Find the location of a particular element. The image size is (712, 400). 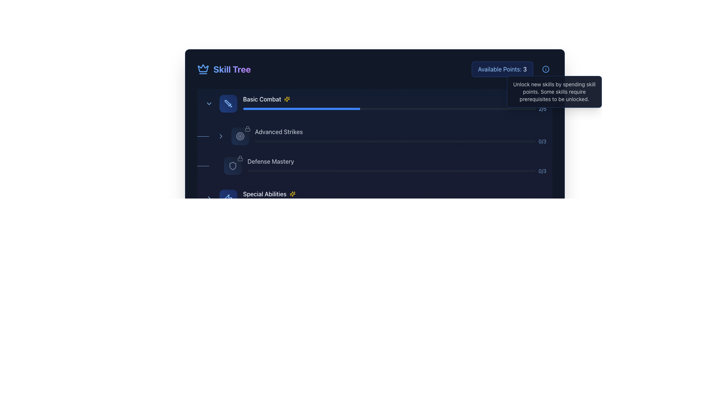

the 'Advanced Strikes' skill category descriptor is located at coordinates (375, 134).